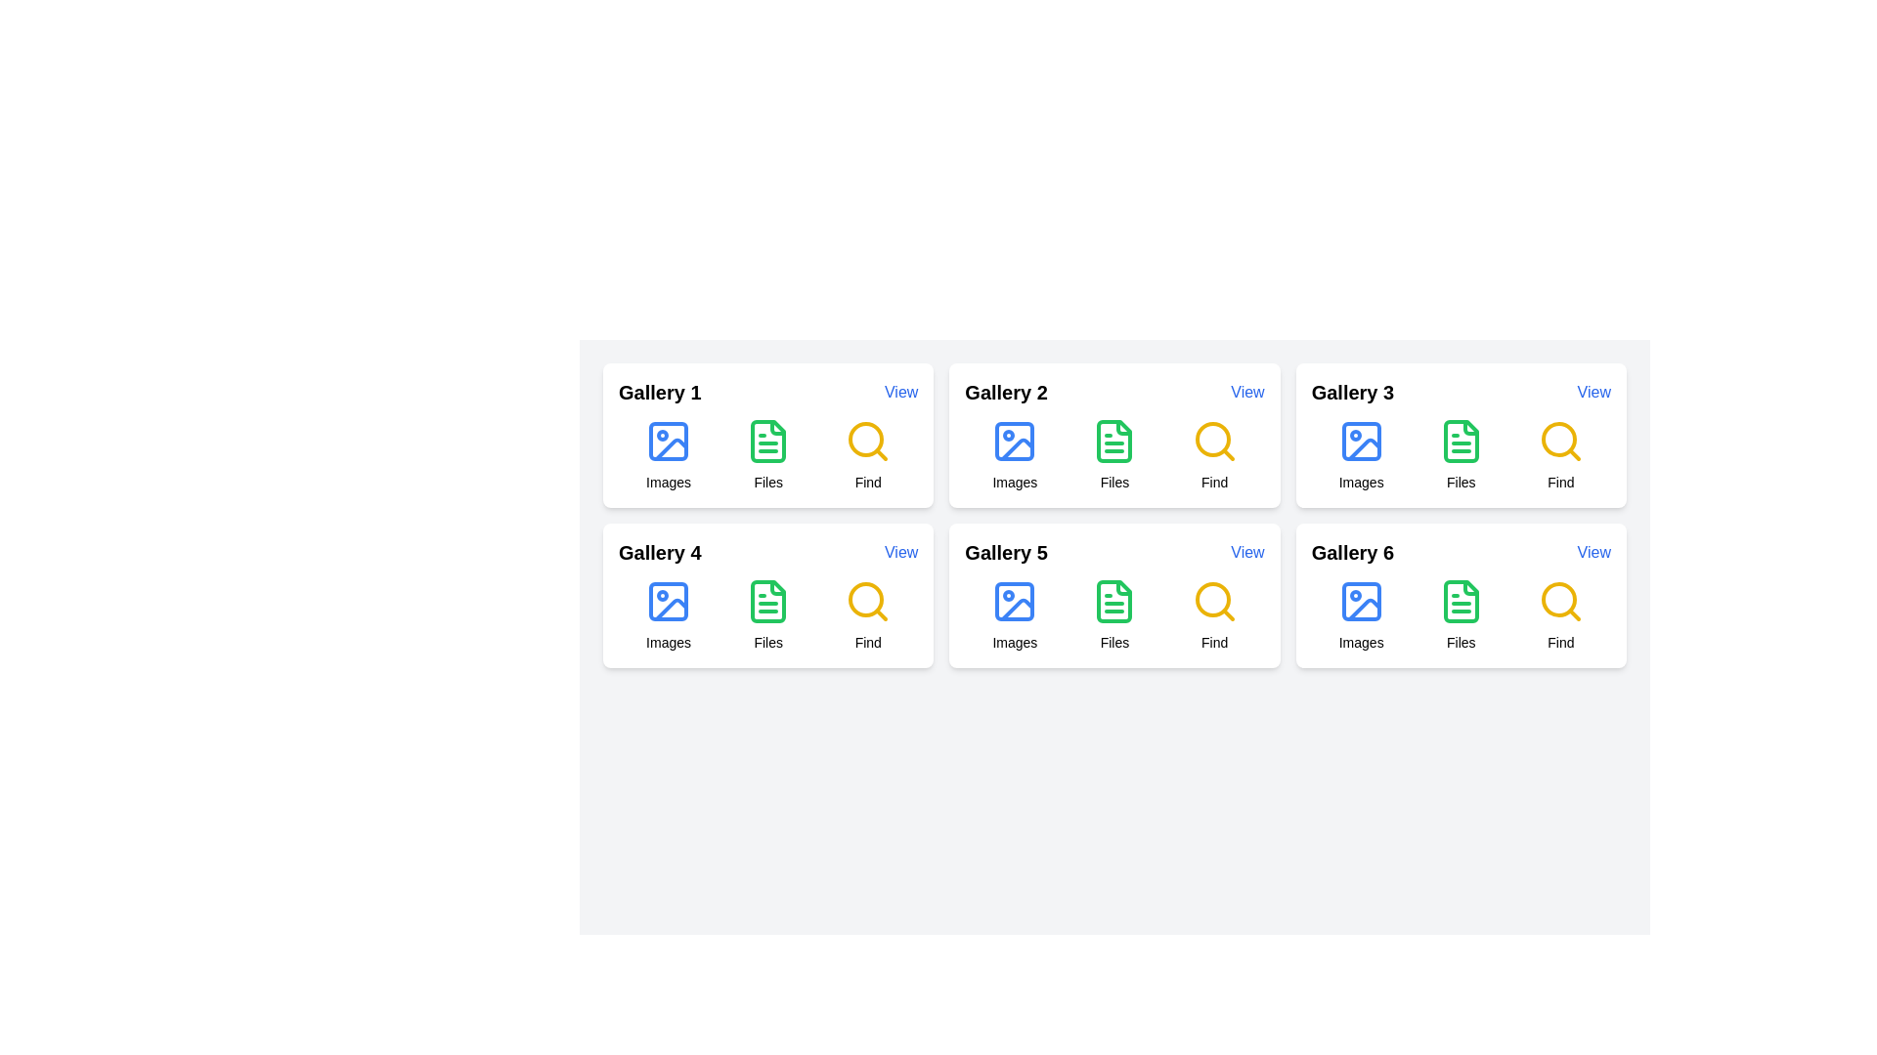 This screenshot has height=1055, width=1877. What do you see at coordinates (767, 441) in the screenshot?
I see `the green file icon in the 'Files' section, which is the middle icon in the first card of the top row in the grid layout` at bounding box center [767, 441].